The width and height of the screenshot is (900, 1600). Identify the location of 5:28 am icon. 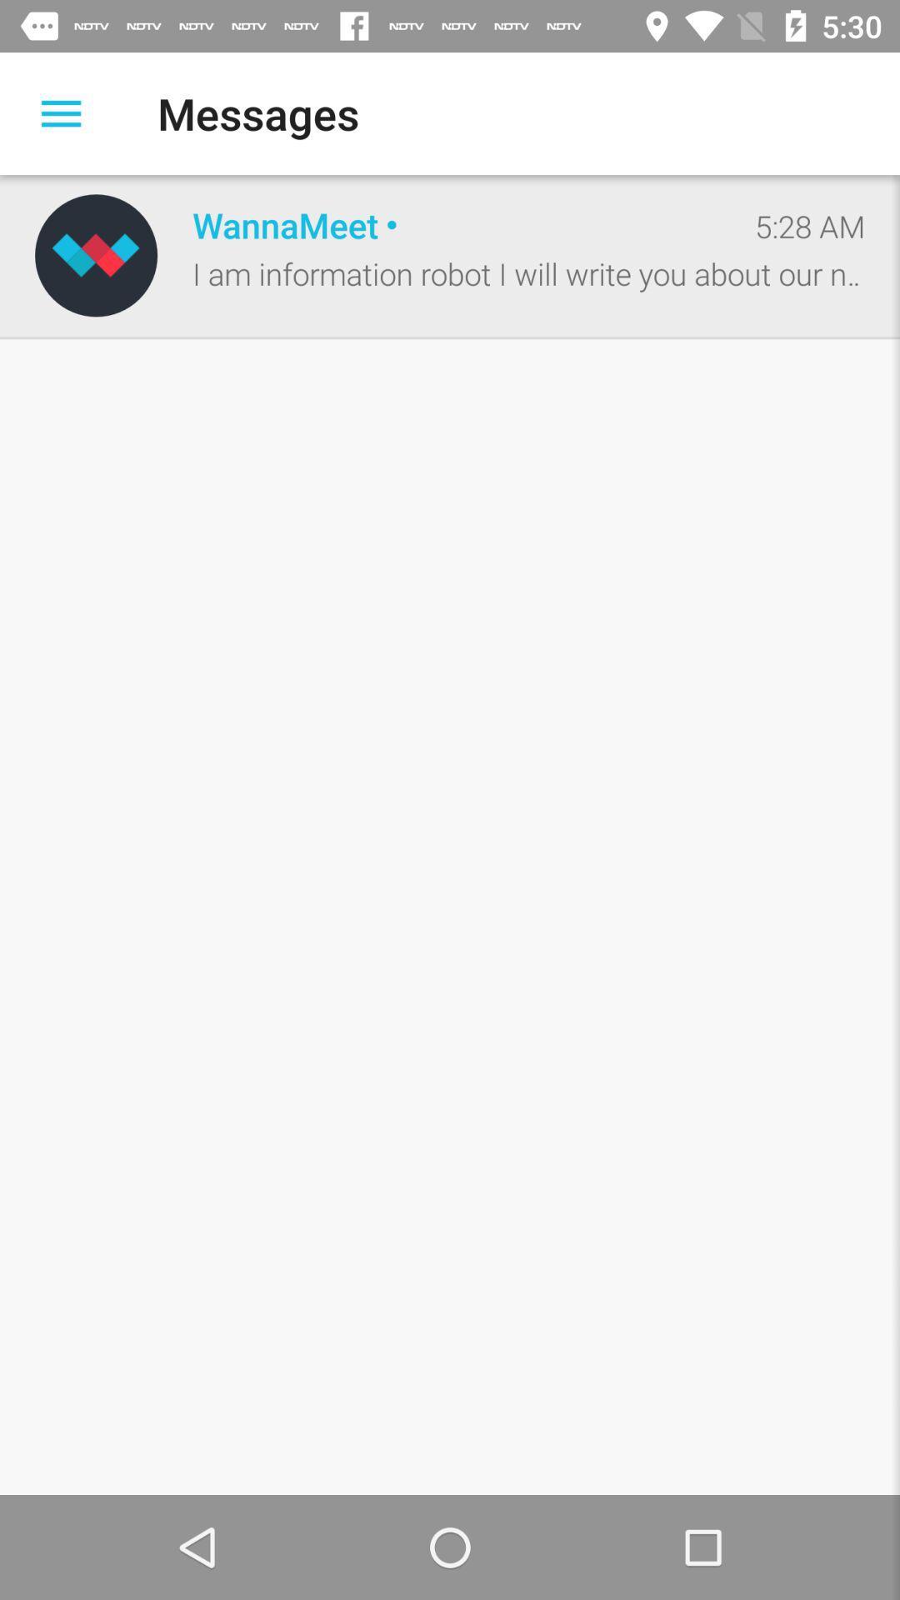
(809, 225).